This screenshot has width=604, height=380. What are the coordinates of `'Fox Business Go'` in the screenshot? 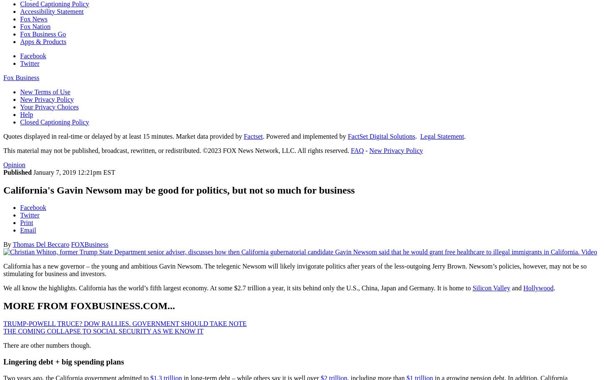 It's located at (43, 34).